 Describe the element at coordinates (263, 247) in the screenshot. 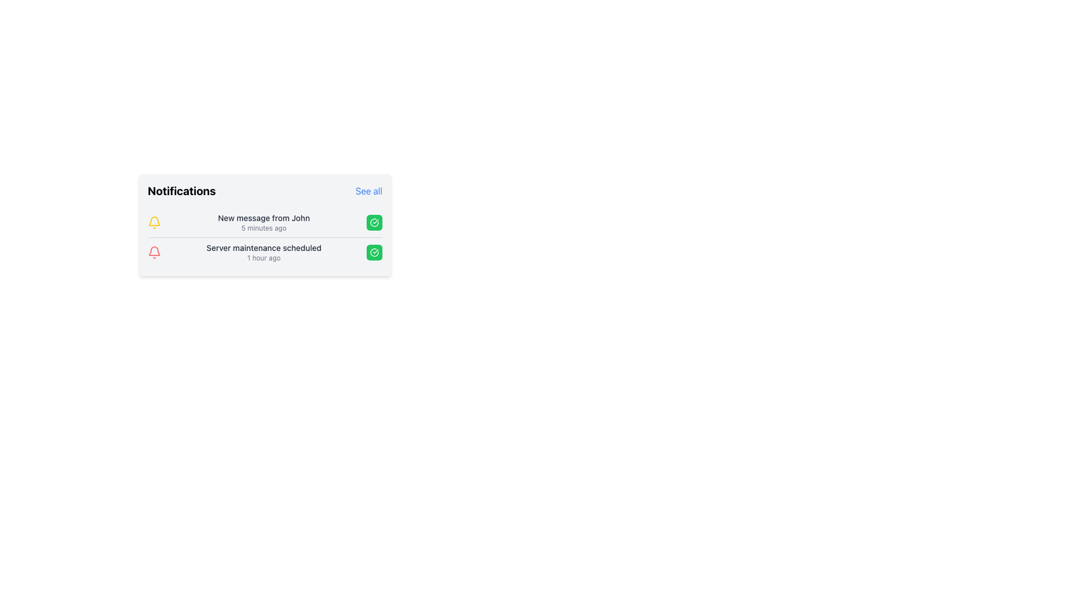

I see `the text segment reading 'Server maintenance scheduled', which is part of a notification system and is styled in small, medium-weight, gray font` at that location.